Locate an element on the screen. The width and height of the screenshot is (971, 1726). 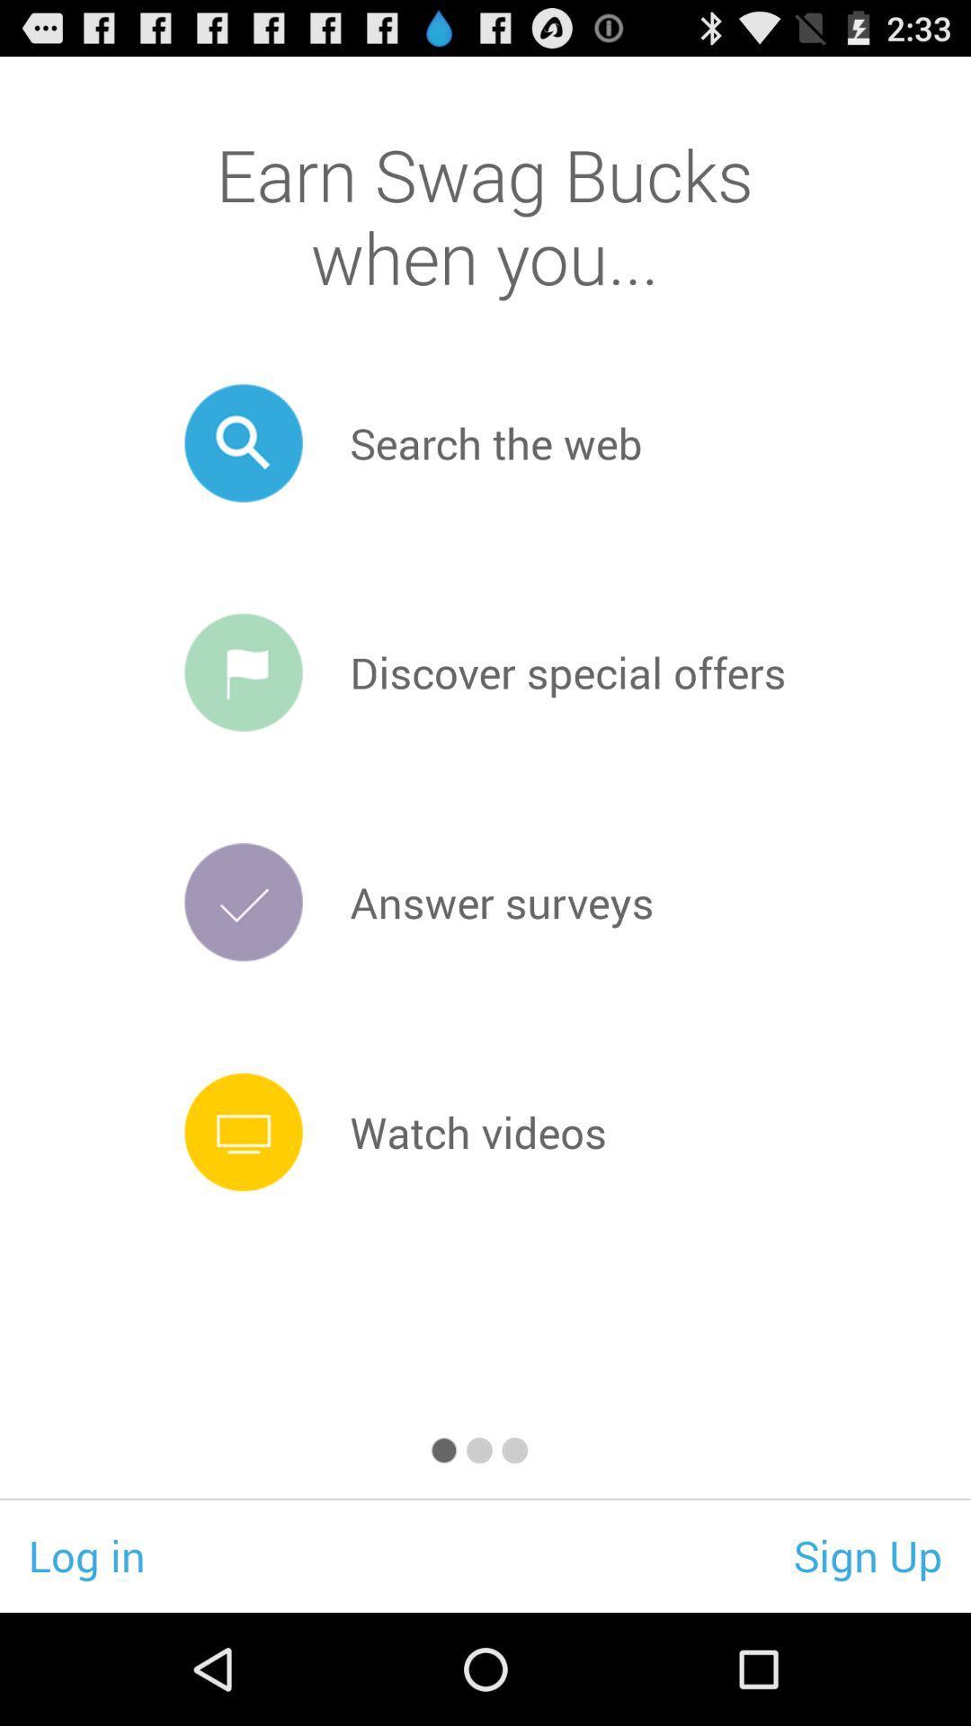
app next to log in is located at coordinates (867, 1554).